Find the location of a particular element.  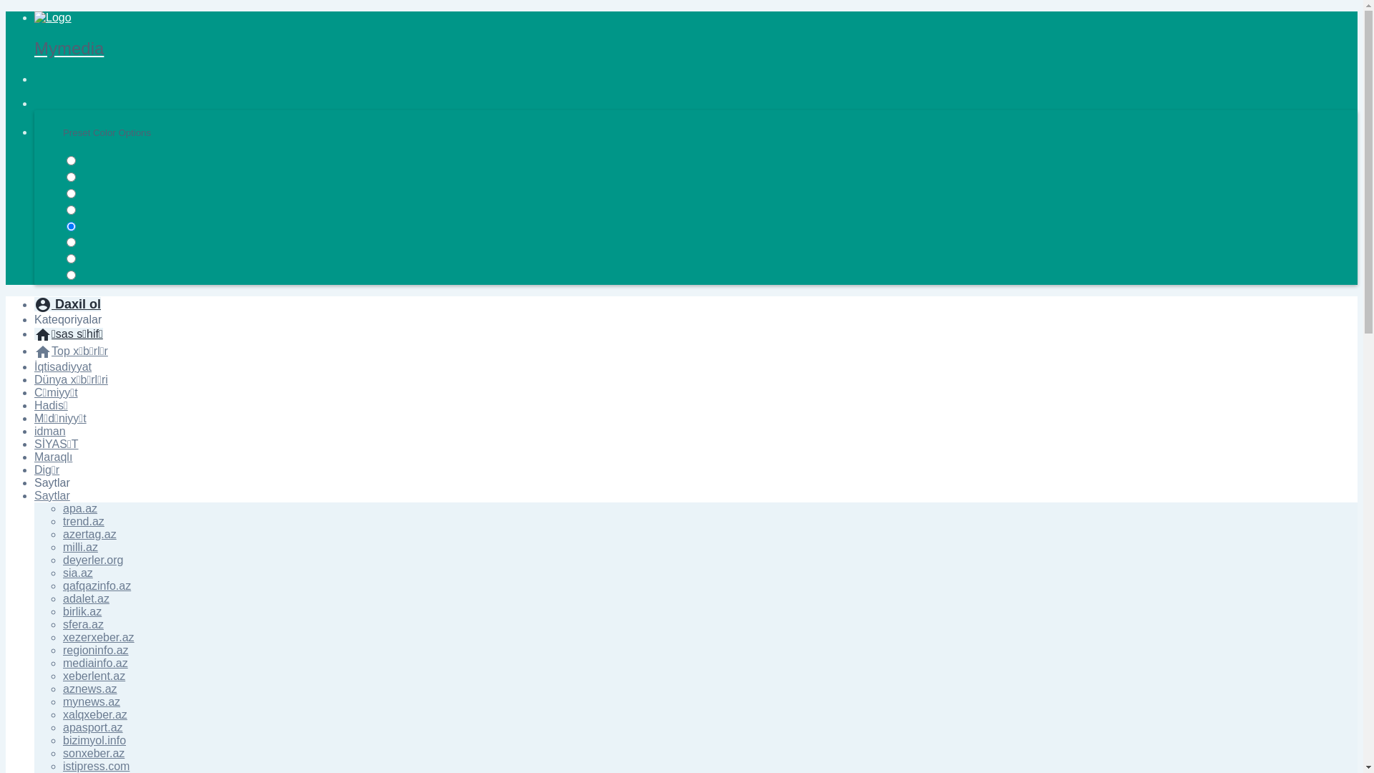

'Saytlar' is located at coordinates (34, 495).